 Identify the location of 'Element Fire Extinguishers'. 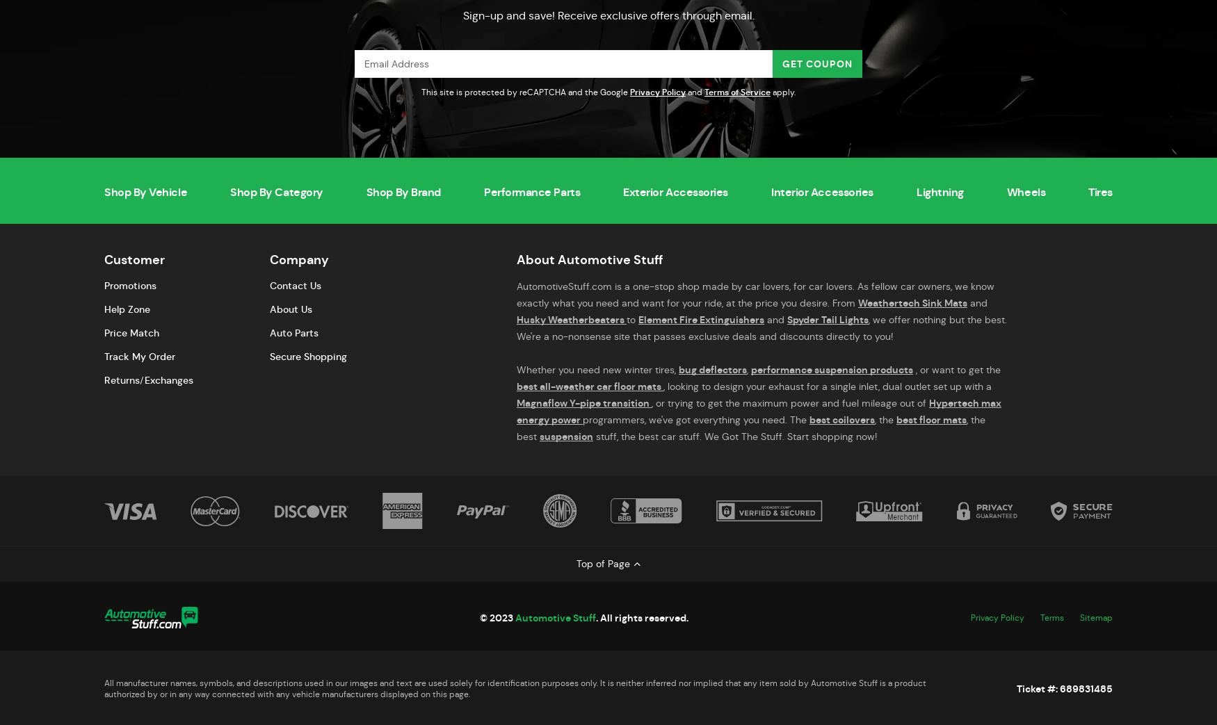
(700, 318).